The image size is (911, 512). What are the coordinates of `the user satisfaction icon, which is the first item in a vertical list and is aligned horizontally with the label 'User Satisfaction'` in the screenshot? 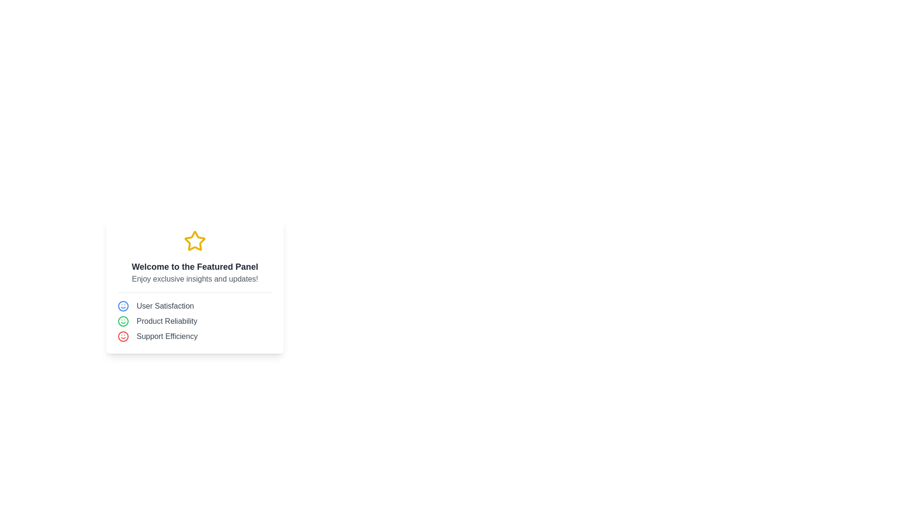 It's located at (122, 305).